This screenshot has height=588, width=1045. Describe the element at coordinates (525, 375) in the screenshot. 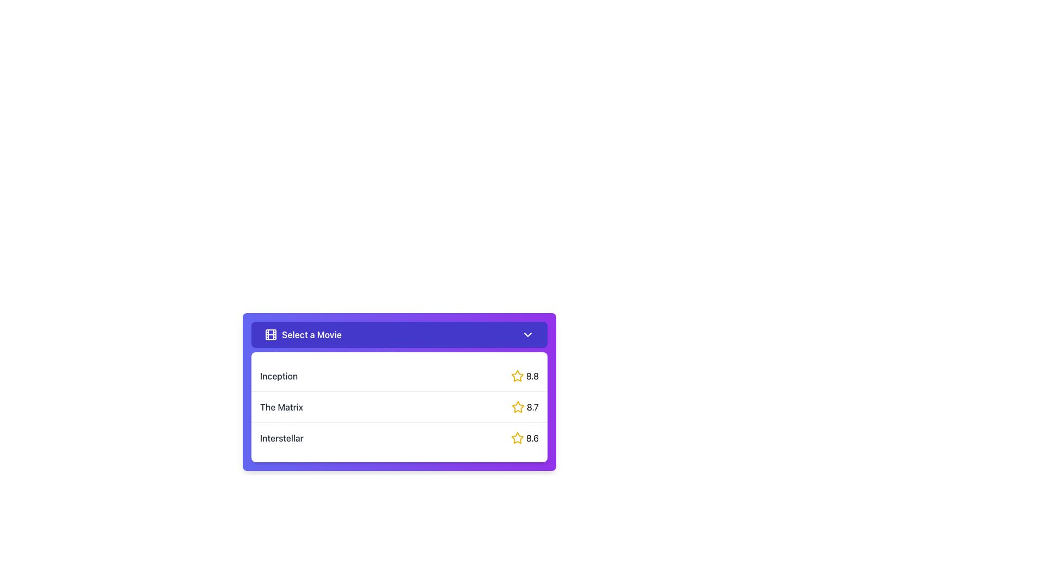

I see `rating value '8.8' displayed in the yellow star icon next to the movie name 'Inception' in the first list item of the 'Select a Movie' section` at that location.